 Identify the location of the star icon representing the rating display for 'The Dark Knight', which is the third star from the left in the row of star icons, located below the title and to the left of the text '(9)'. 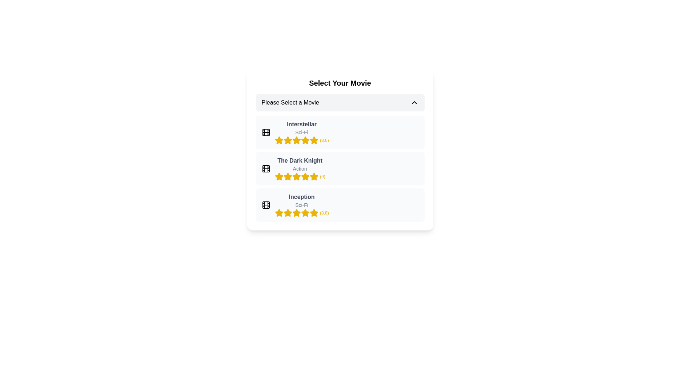
(287, 176).